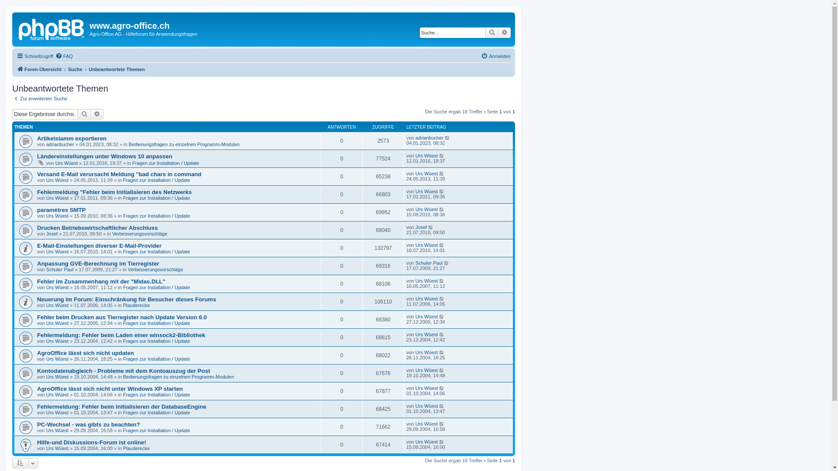 The height and width of the screenshot is (471, 838). Describe the element at coordinates (178, 376) in the screenshot. I see `'Bedienungsfragen zu einzelnen Programm-Modulen'` at that location.